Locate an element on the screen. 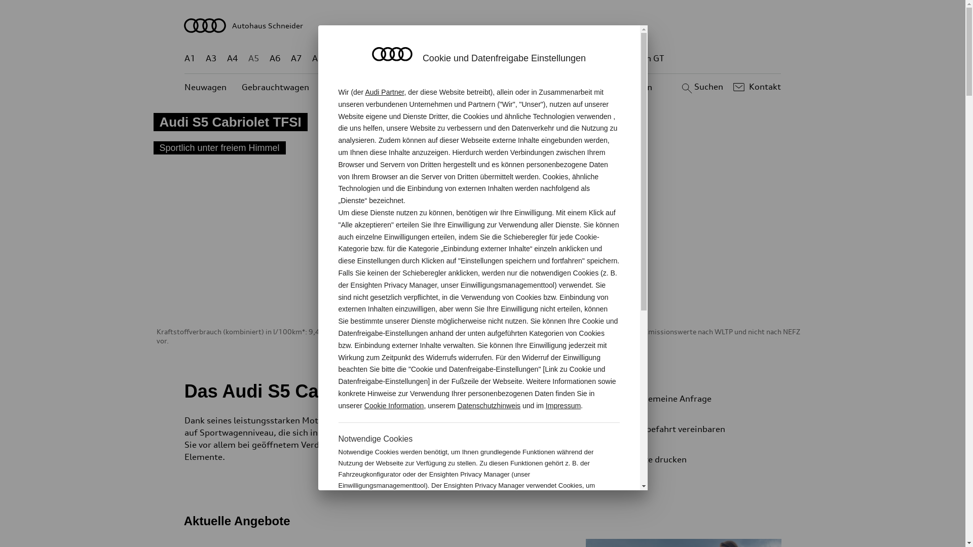  'e-tron GT' is located at coordinates (626, 58).